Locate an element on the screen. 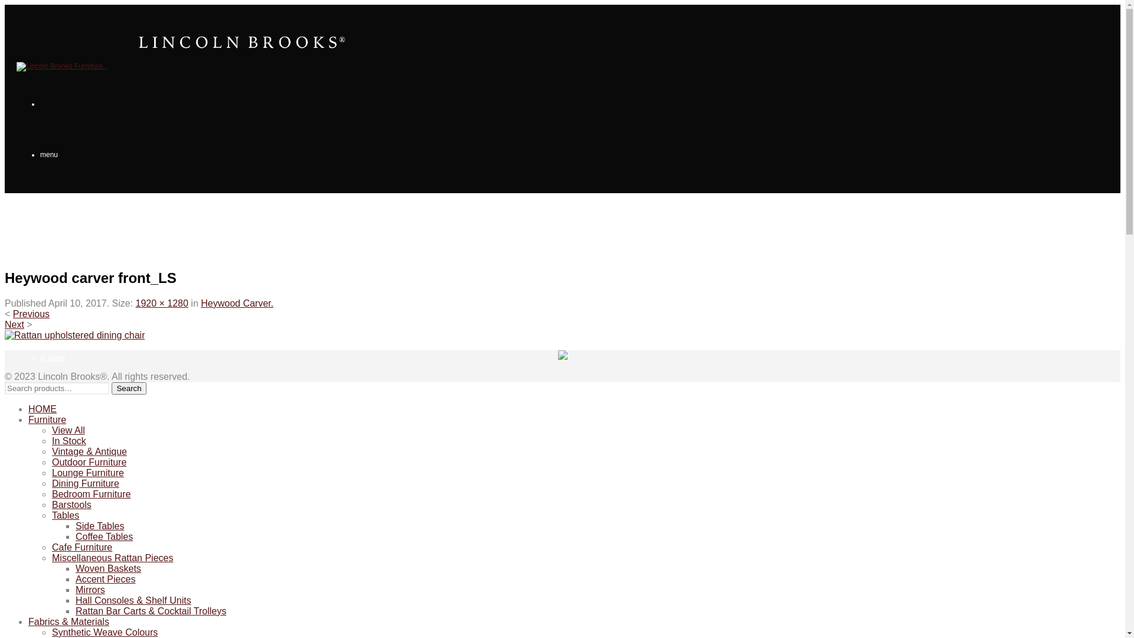 Image resolution: width=1134 pixels, height=638 pixels. 'Barstools' is located at coordinates (51, 504).